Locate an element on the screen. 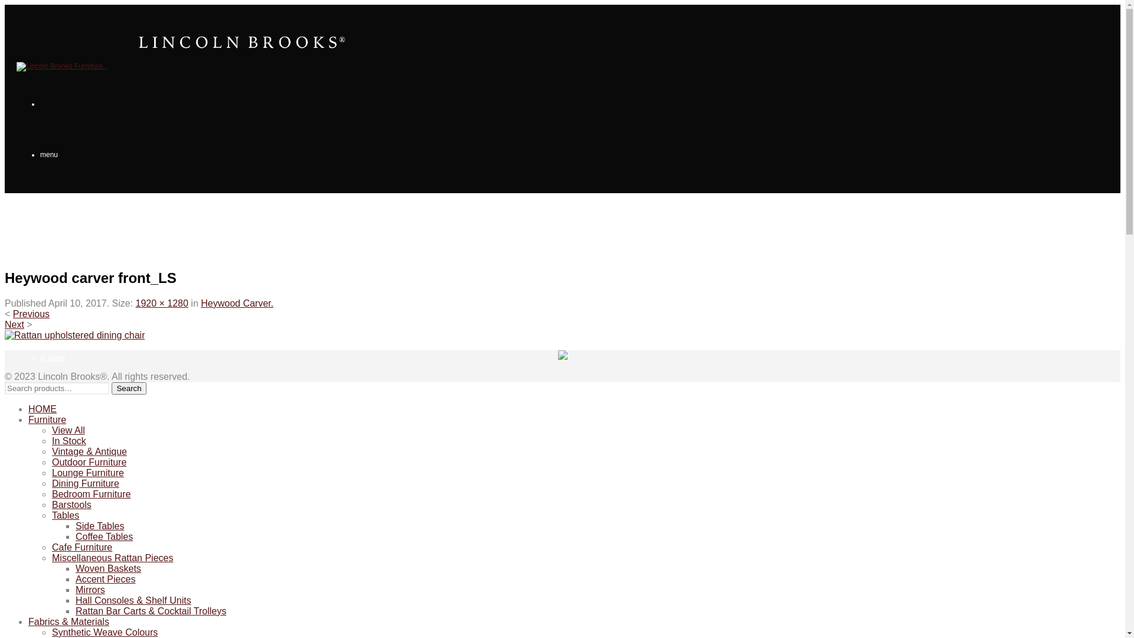 Image resolution: width=1134 pixels, height=638 pixels. 'Barstools' is located at coordinates (51, 504).